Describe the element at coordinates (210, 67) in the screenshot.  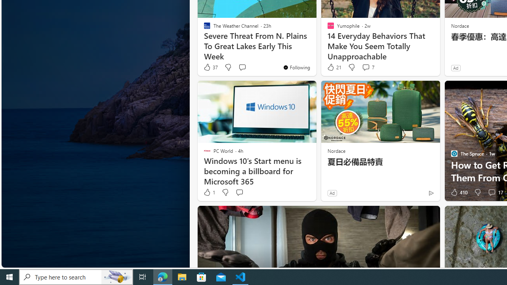
I see `'37 Like'` at that location.